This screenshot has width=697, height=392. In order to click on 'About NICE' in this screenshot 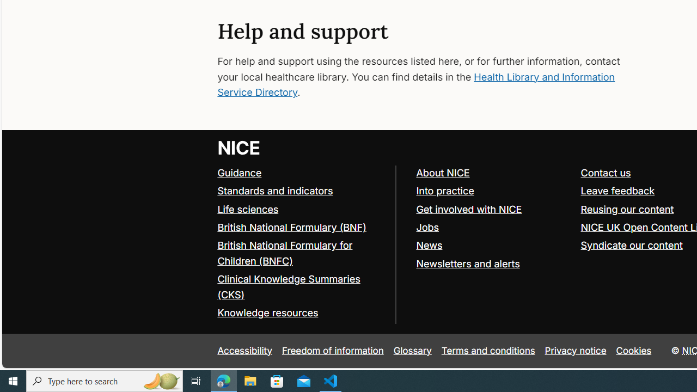, I will do `click(443, 172)`.